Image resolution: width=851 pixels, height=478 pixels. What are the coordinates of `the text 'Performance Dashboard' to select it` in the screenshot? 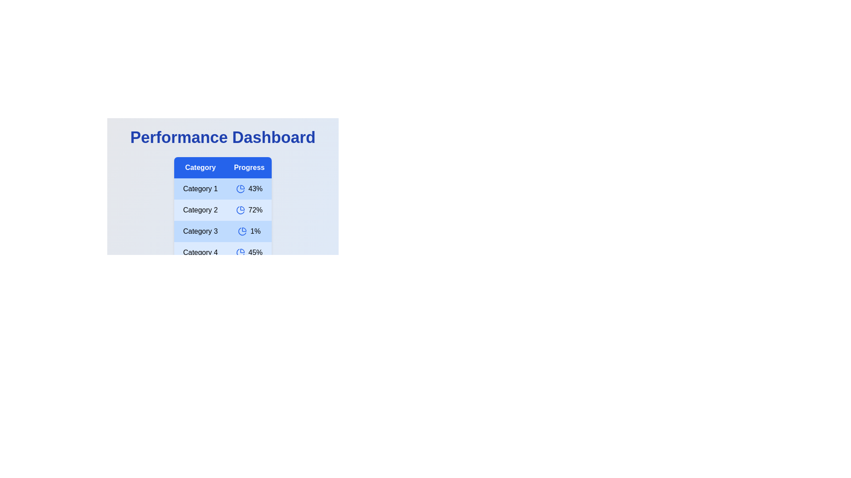 It's located at (223, 138).